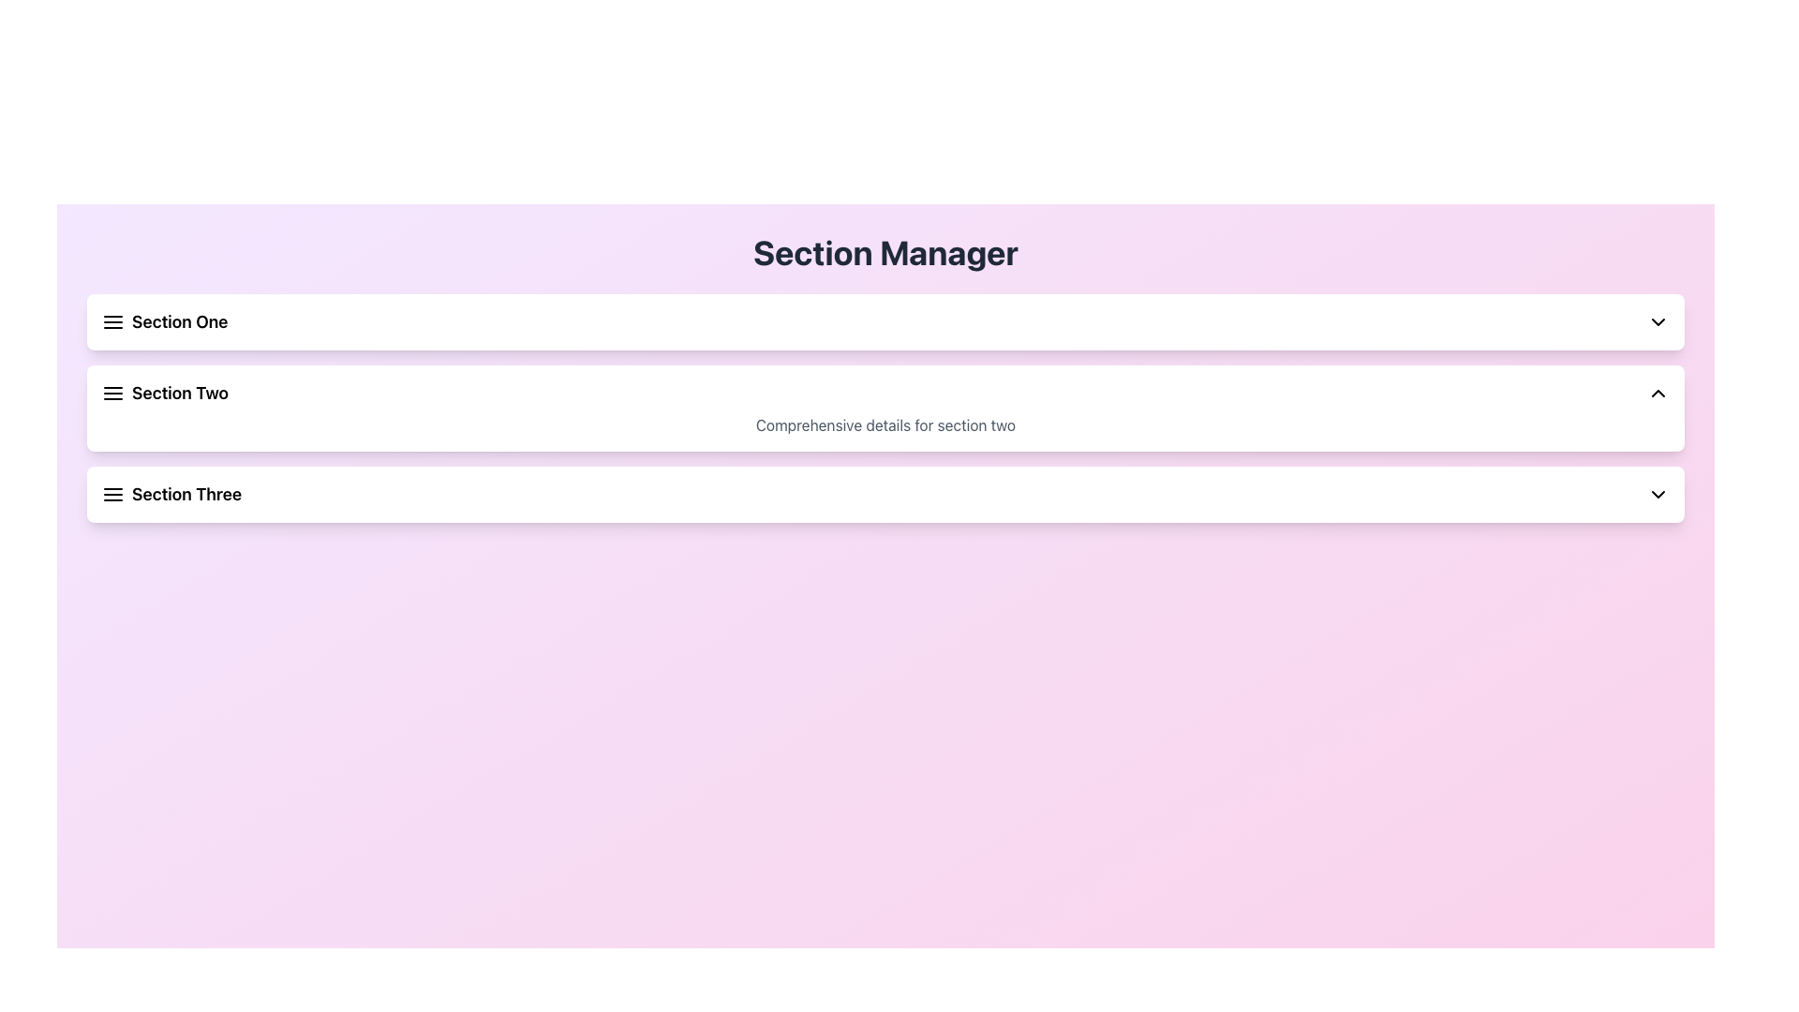 This screenshot has width=1799, height=1012. Describe the element at coordinates (1658, 393) in the screenshot. I see `the upwards-facing chevron icon button located in the upper-right corner of the 'Section Two' header area` at that location.